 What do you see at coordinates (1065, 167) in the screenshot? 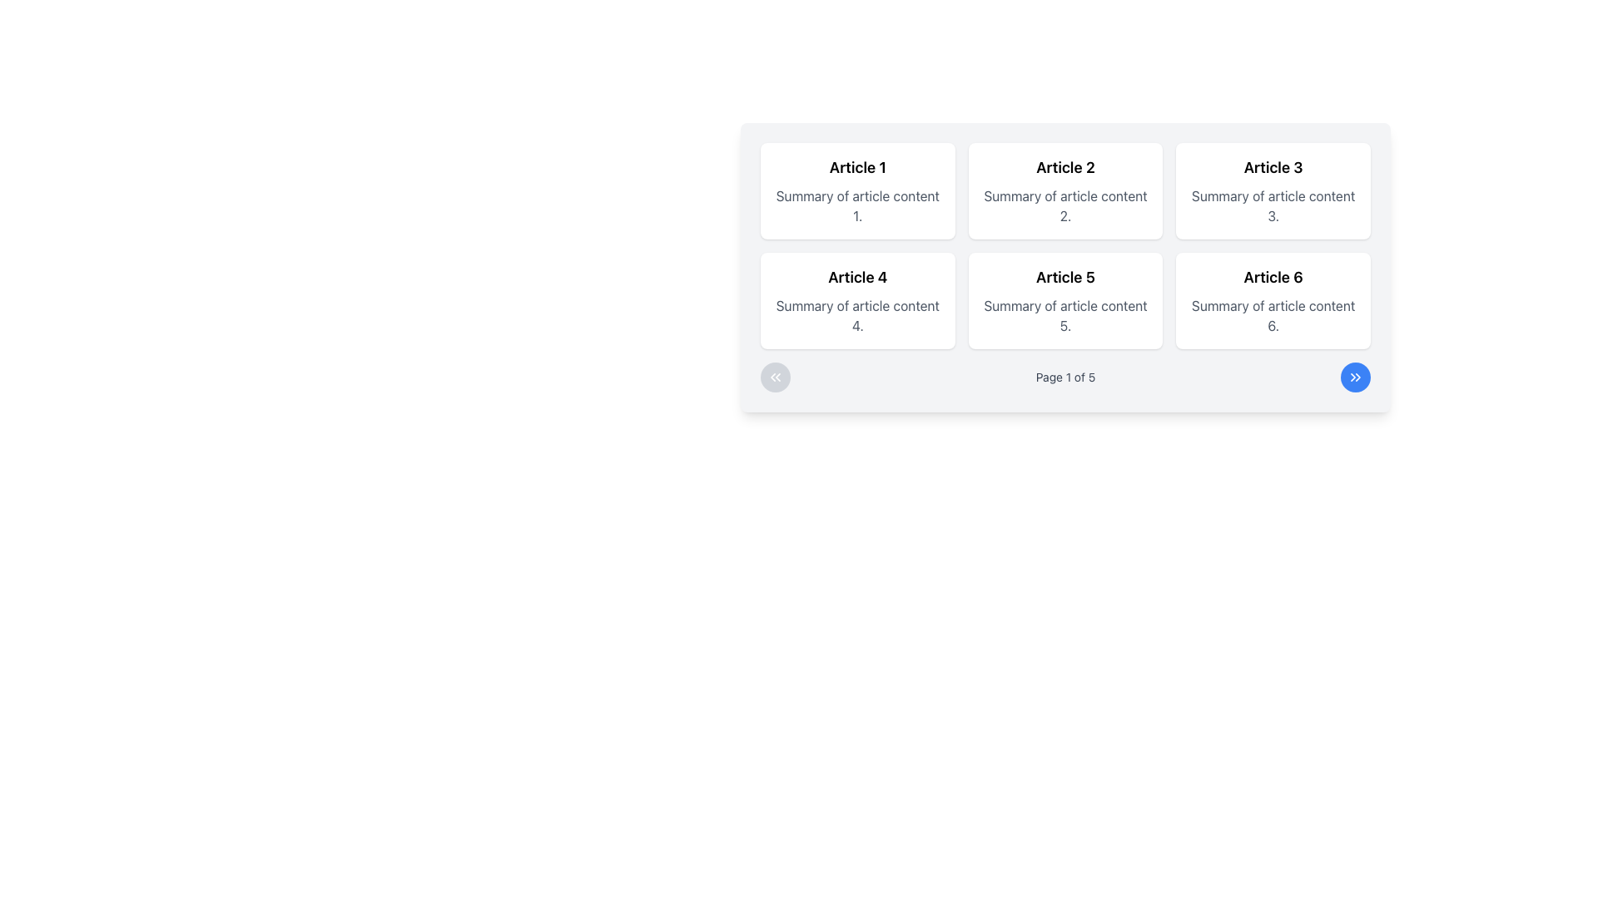
I see `the text label that indicates the title of 'Article 2', positioned at the top-center of its grid cell` at bounding box center [1065, 167].